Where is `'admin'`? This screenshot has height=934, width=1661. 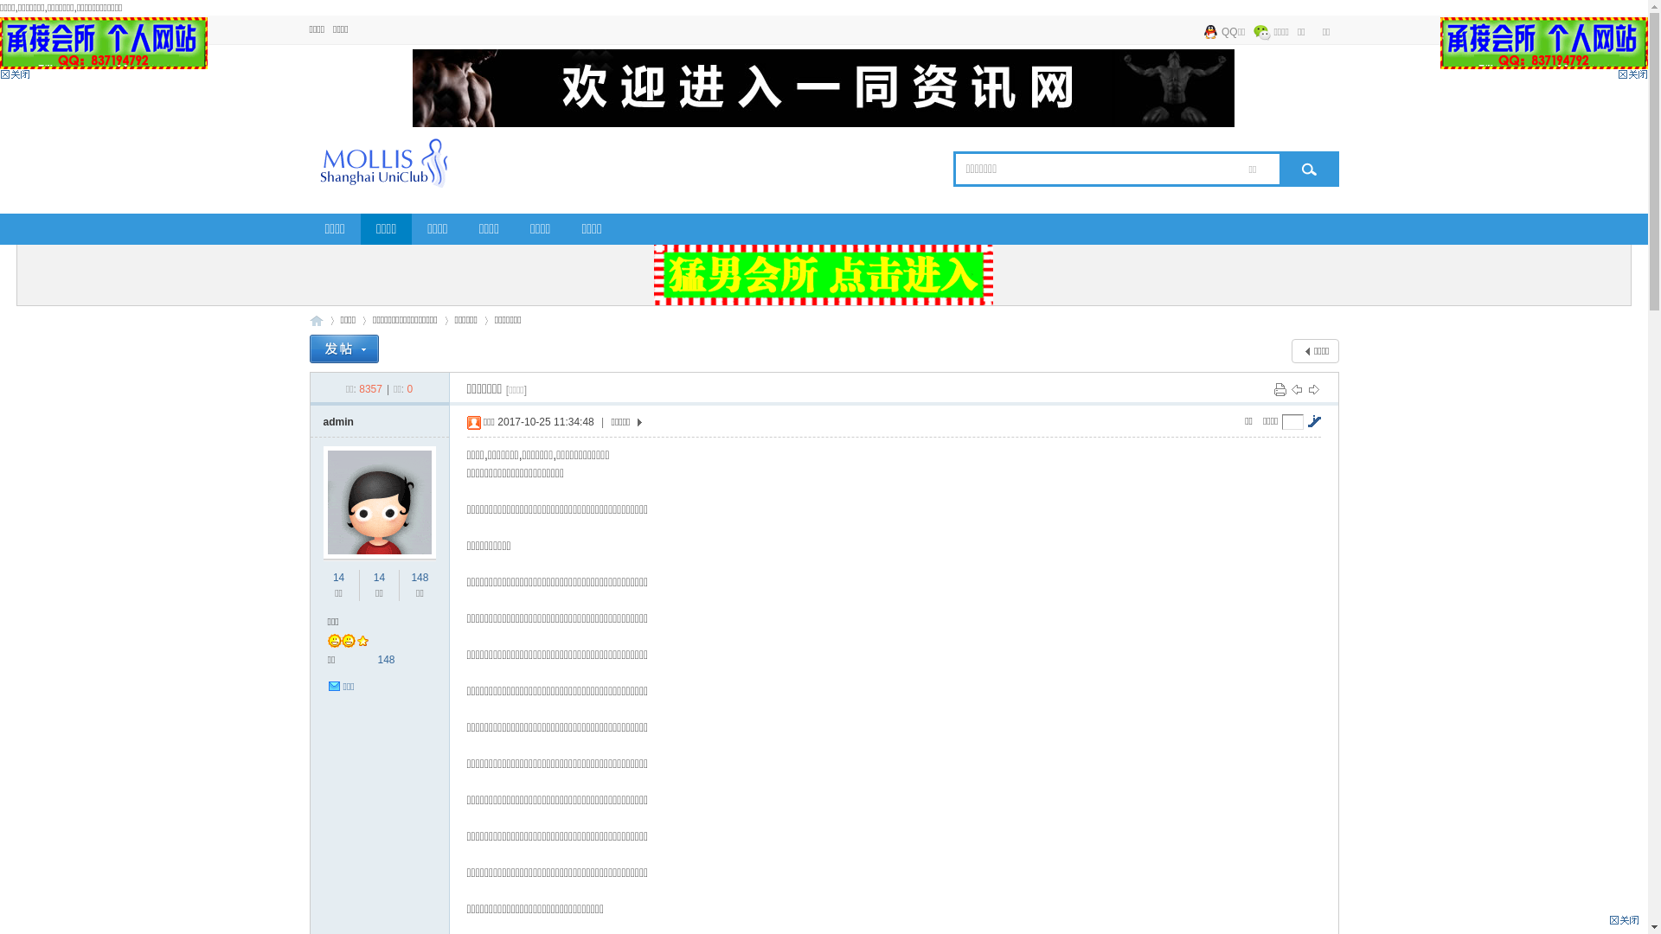 'admin' is located at coordinates (338, 422).